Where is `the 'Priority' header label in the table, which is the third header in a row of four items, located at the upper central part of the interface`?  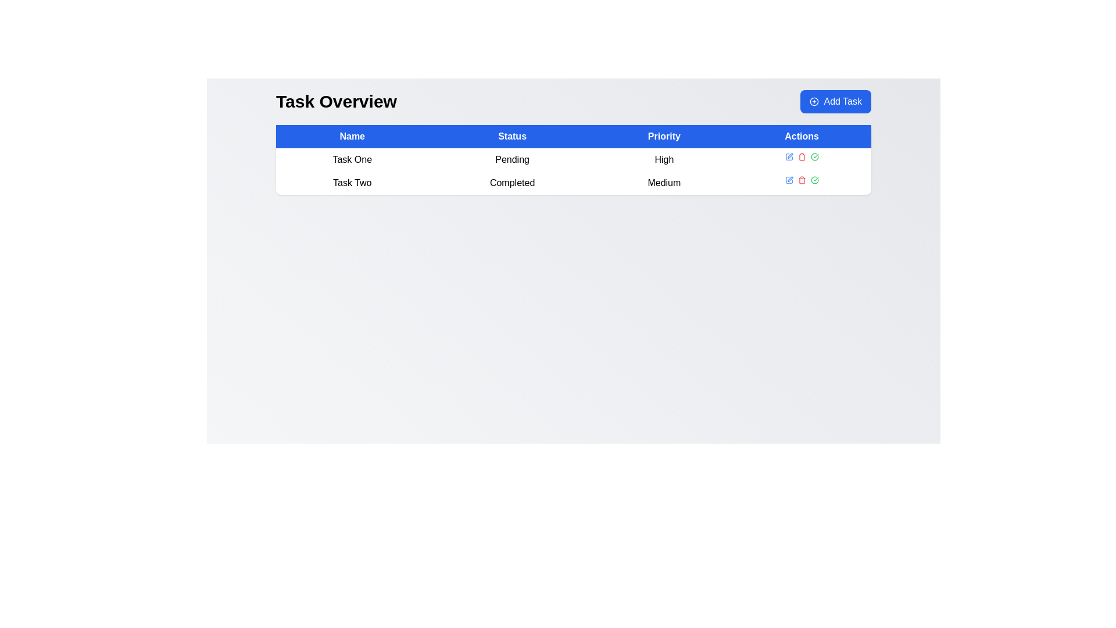
the 'Priority' header label in the table, which is the third header in a row of four items, located at the upper central part of the interface is located at coordinates (664, 136).